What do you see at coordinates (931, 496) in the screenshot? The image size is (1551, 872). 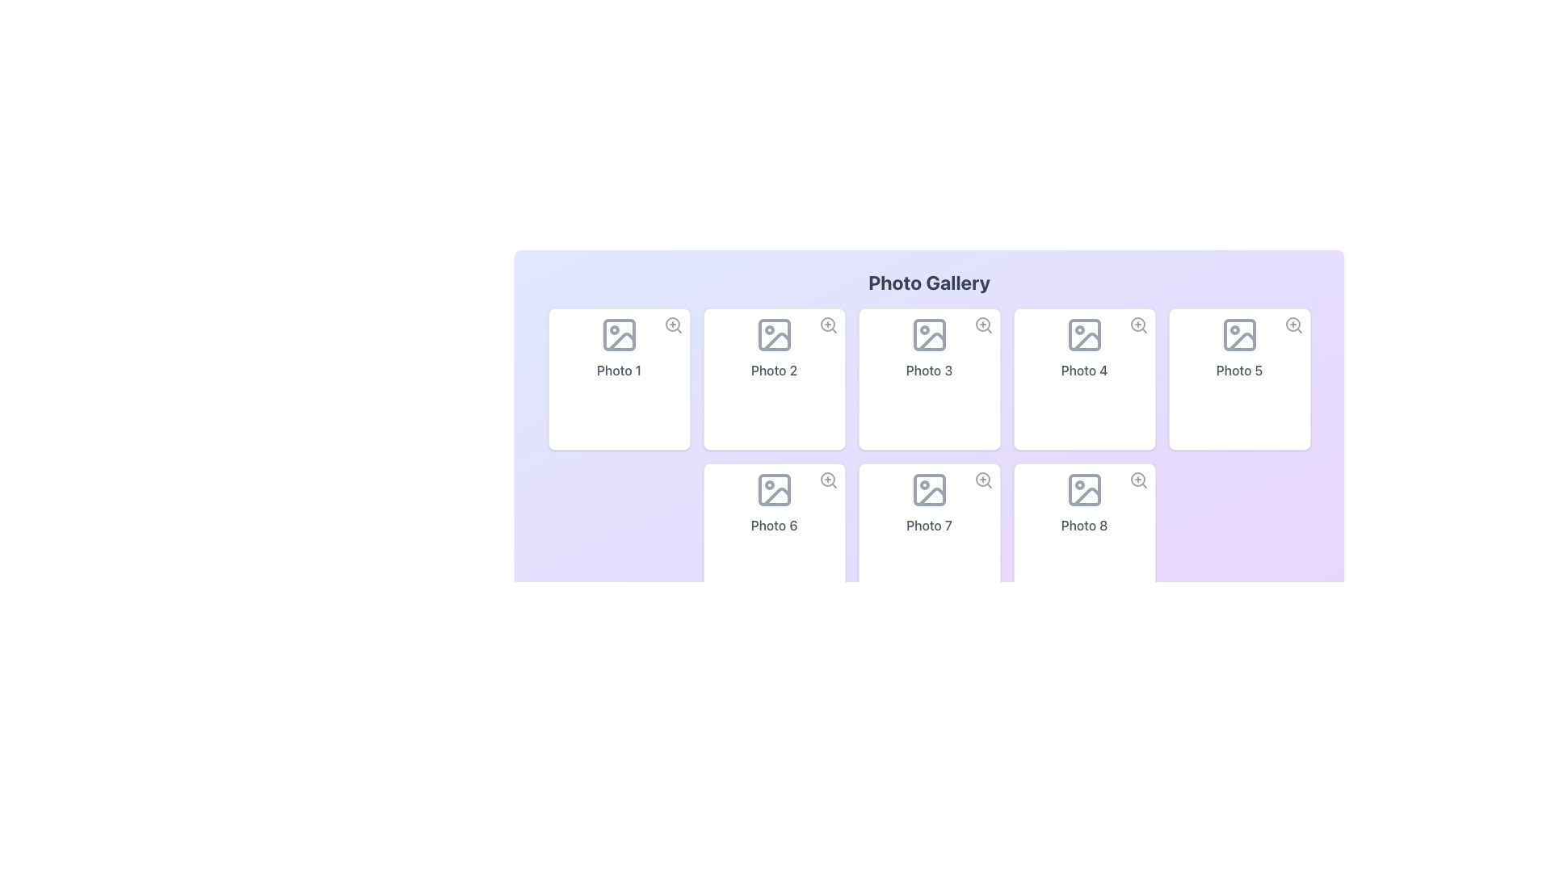 I see `the broken image placeholder icon in the seventh photo of the gallery grid, which indicates a missing or broken image` at bounding box center [931, 496].